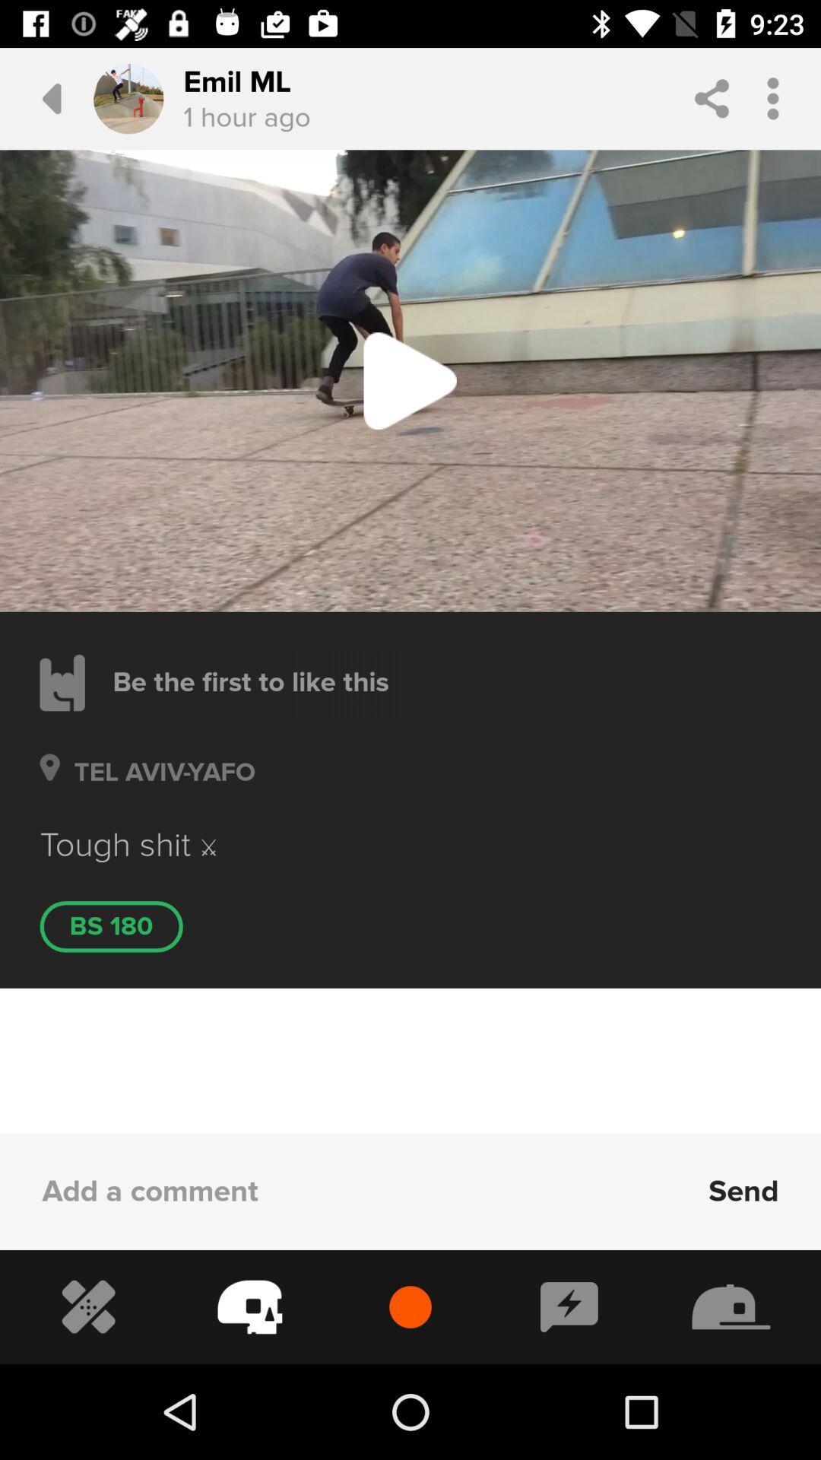  I want to click on the location icon on the web page, so click(49, 789).